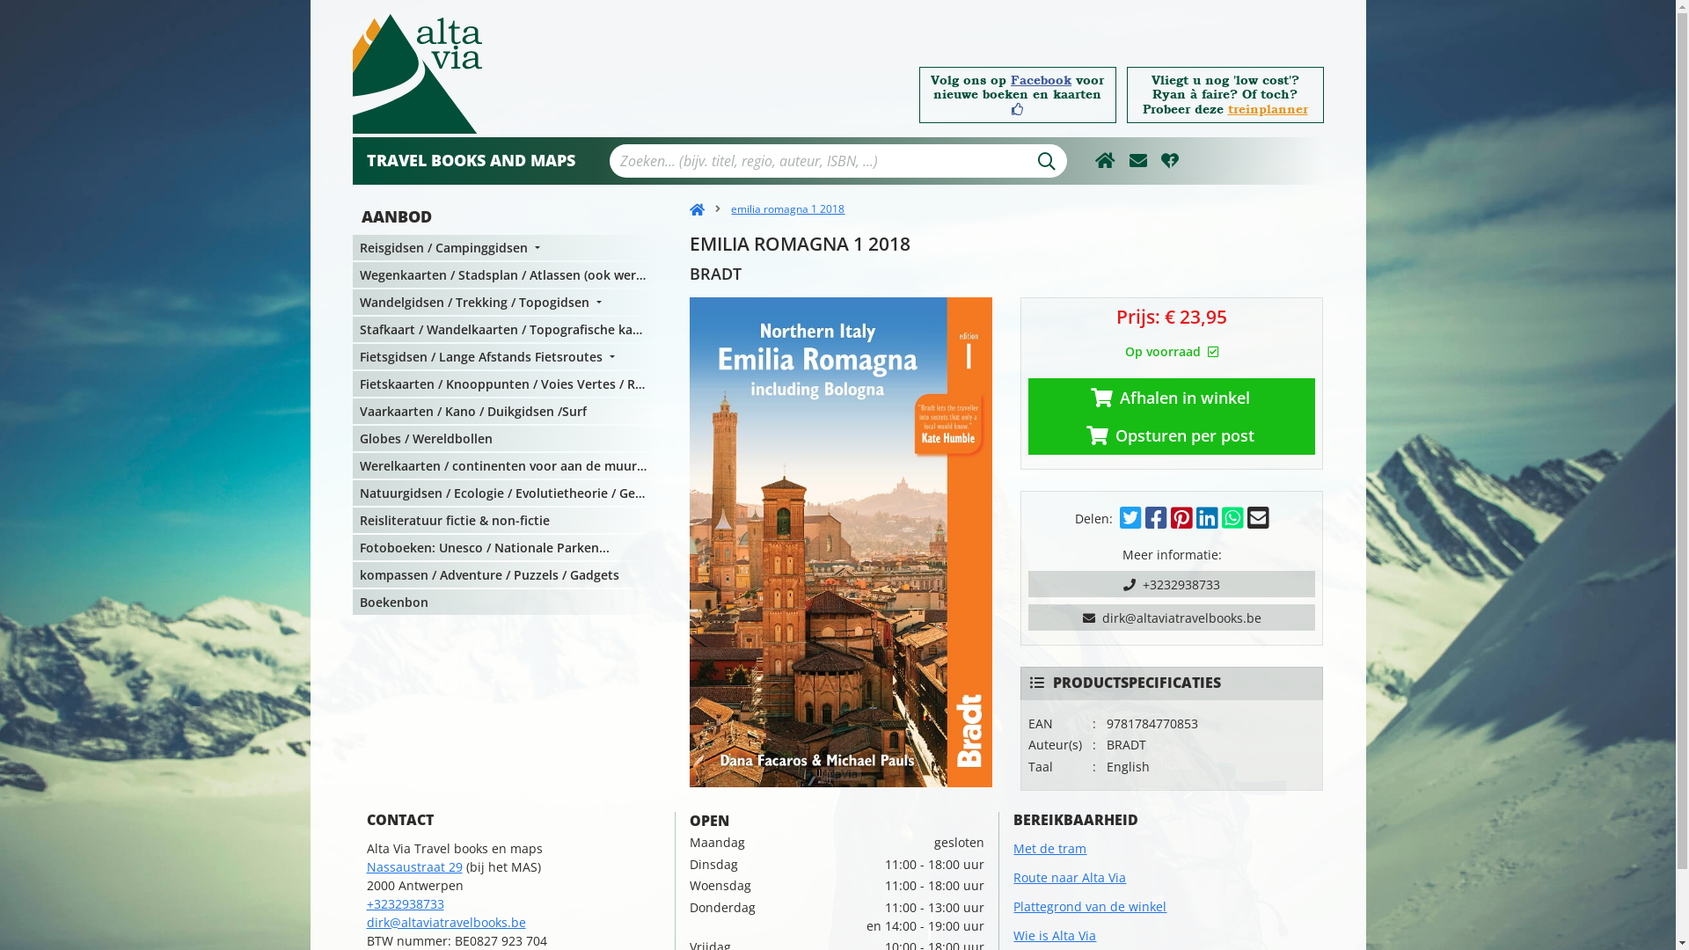 The height and width of the screenshot is (950, 1689). Describe the element at coordinates (506, 519) in the screenshot. I see `'Reisliteratuur fictie & non-fictie'` at that location.